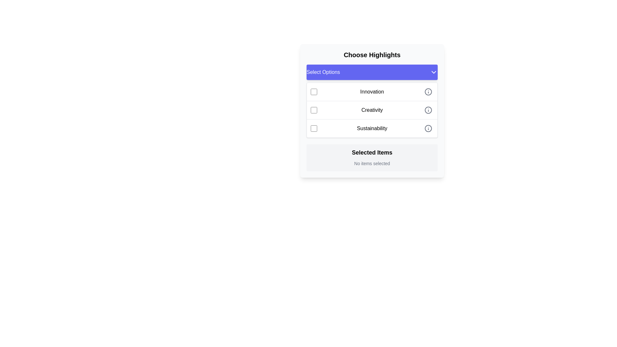  I want to click on the downward-pointing chevron icon indicating a dropdown, located at the far-right side of the 'Select Options' button, so click(434, 72).